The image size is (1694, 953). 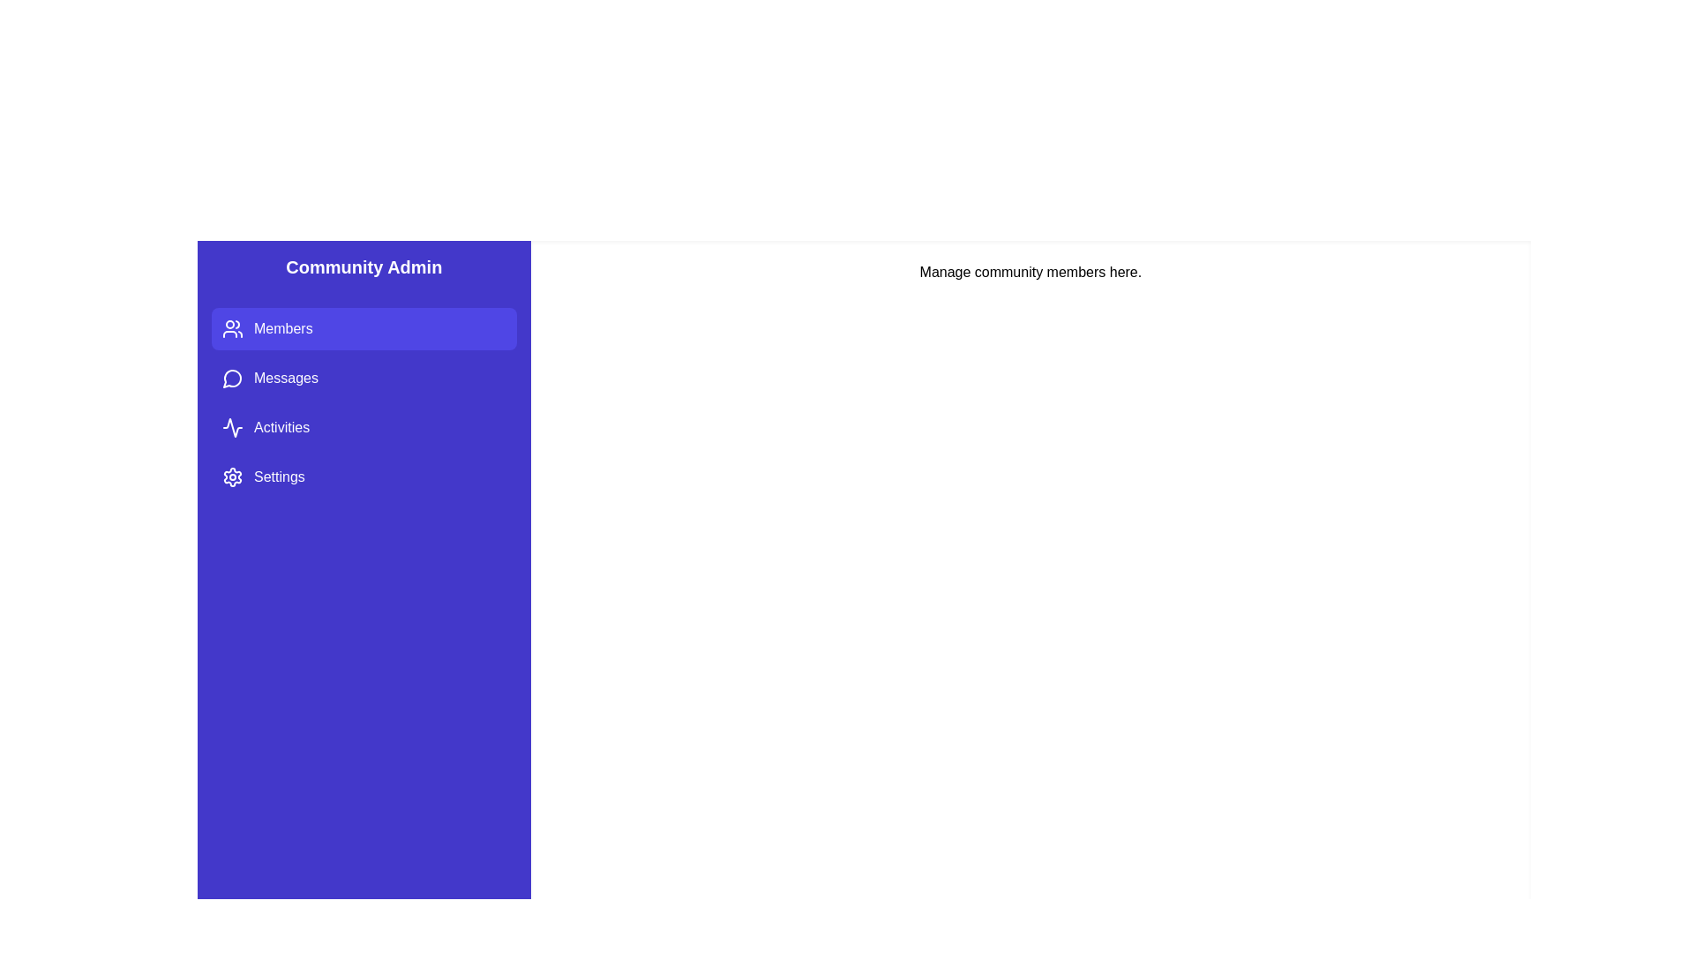 I want to click on the settings icon, which is a gear-like graphical icon located at the bottom of the vertical navigation bar on the left side of the interface, so click(x=232, y=476).